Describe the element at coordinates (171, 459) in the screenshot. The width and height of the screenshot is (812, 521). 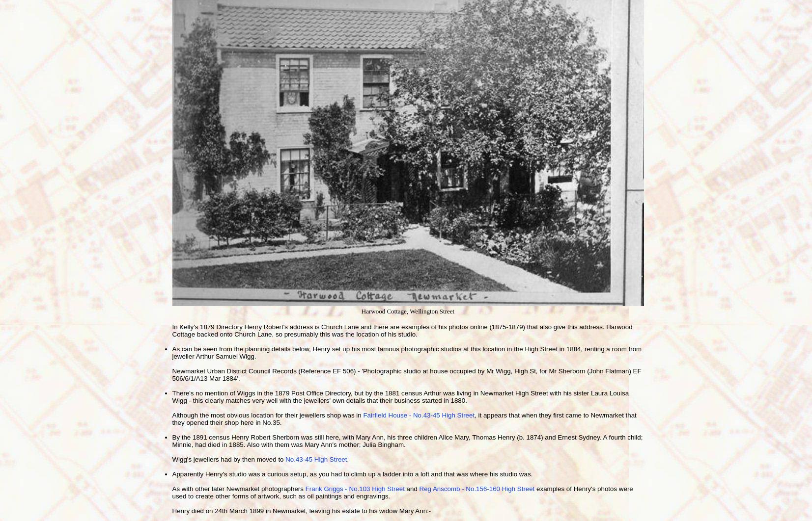
I see `'Wigg's jewellers had by then moved to'` at that location.